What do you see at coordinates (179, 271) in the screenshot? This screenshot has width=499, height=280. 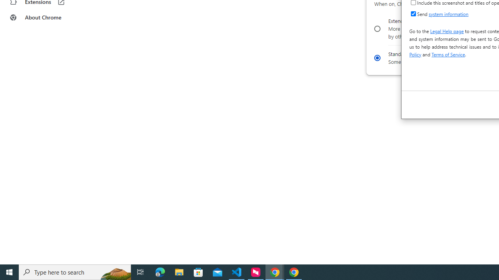 I see `'File Explorer'` at bounding box center [179, 271].